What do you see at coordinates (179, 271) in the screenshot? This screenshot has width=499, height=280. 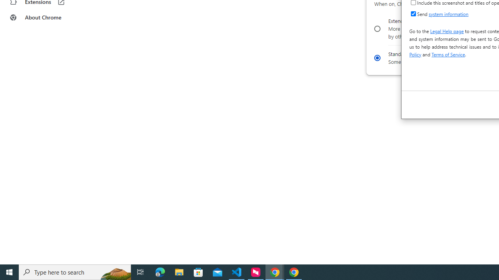 I see `'File Explorer'` at bounding box center [179, 271].